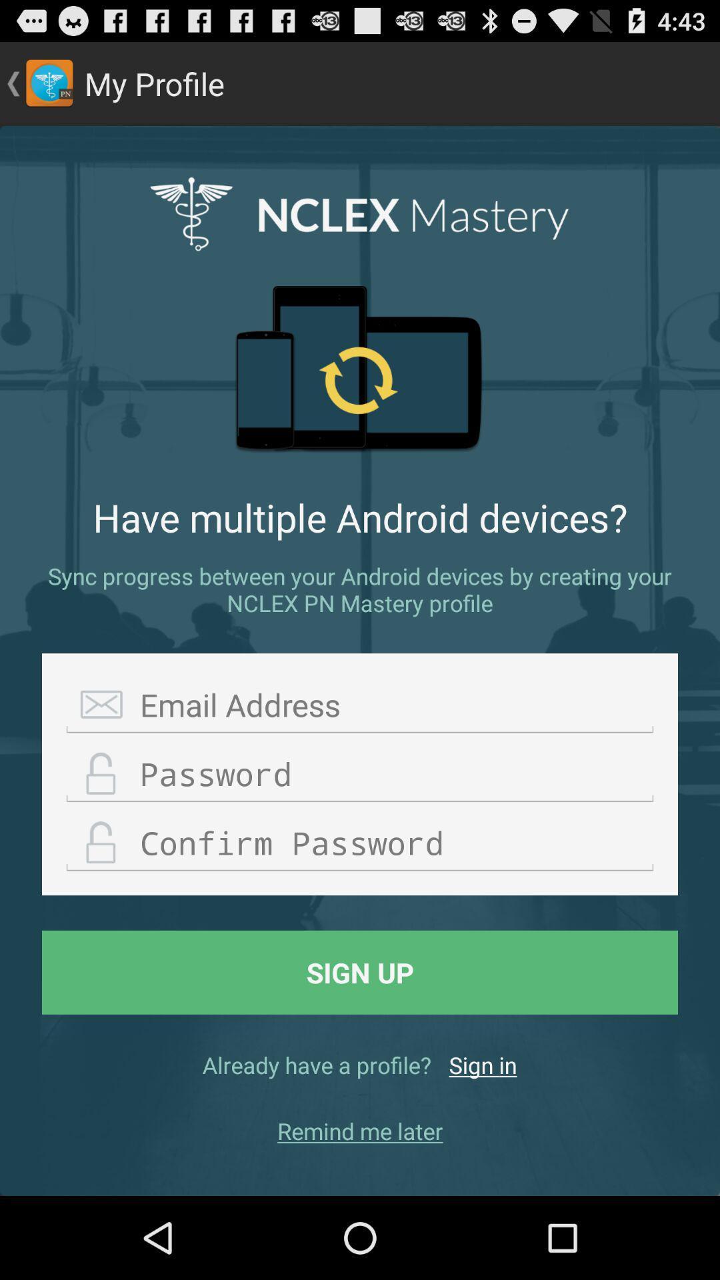 The height and width of the screenshot is (1280, 720). Describe the element at coordinates (360, 1130) in the screenshot. I see `app below already have a icon` at that location.